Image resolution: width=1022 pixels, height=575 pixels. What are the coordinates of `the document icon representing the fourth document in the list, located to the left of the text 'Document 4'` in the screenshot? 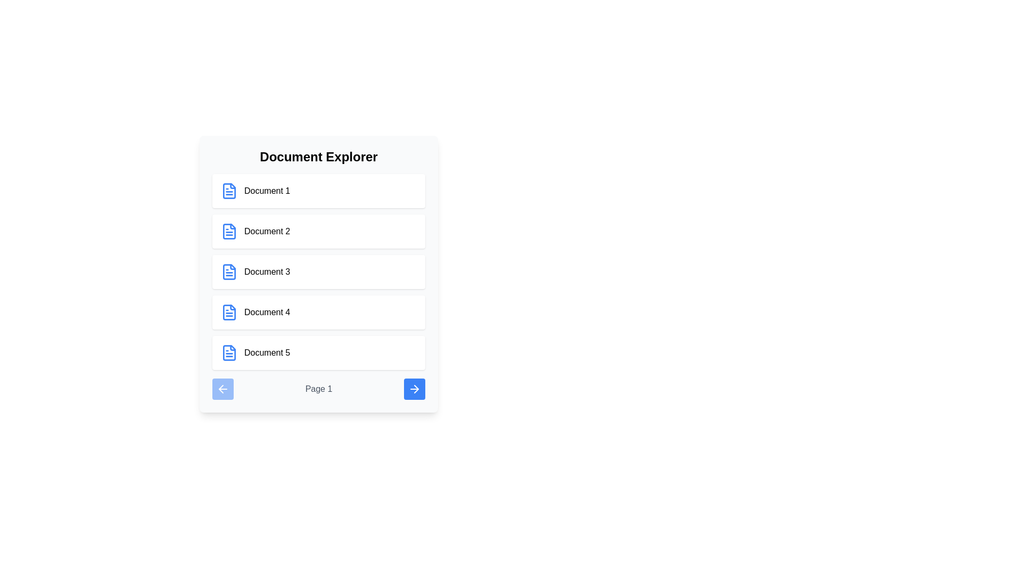 It's located at (229, 311).